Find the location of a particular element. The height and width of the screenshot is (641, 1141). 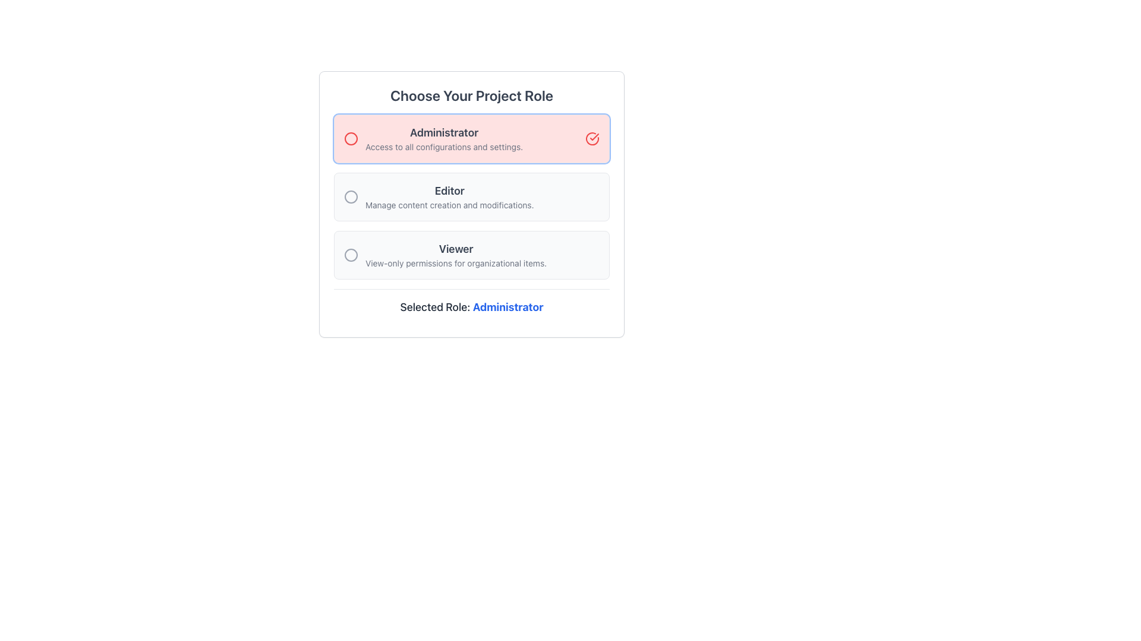

the 'Editor' role description text label located in the second position of the vertically aligned list of selection options is located at coordinates (449, 196).